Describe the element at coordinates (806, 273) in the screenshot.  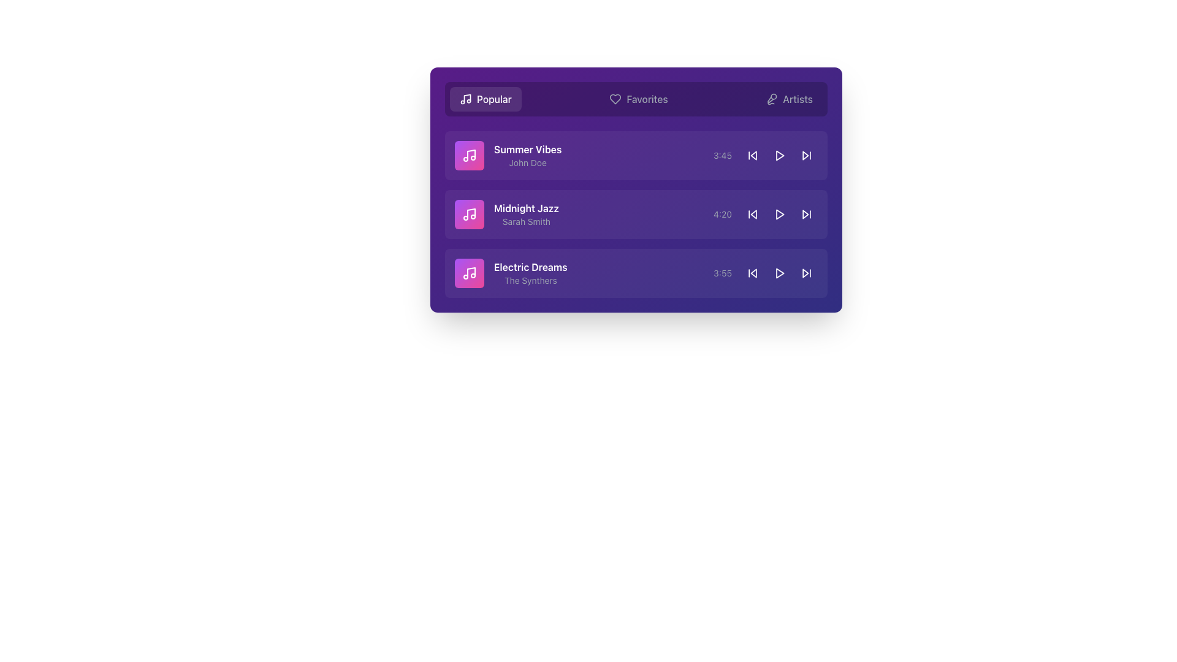
I see `the skip icon button located at the far-right of the bottom row in the music player interface` at that location.